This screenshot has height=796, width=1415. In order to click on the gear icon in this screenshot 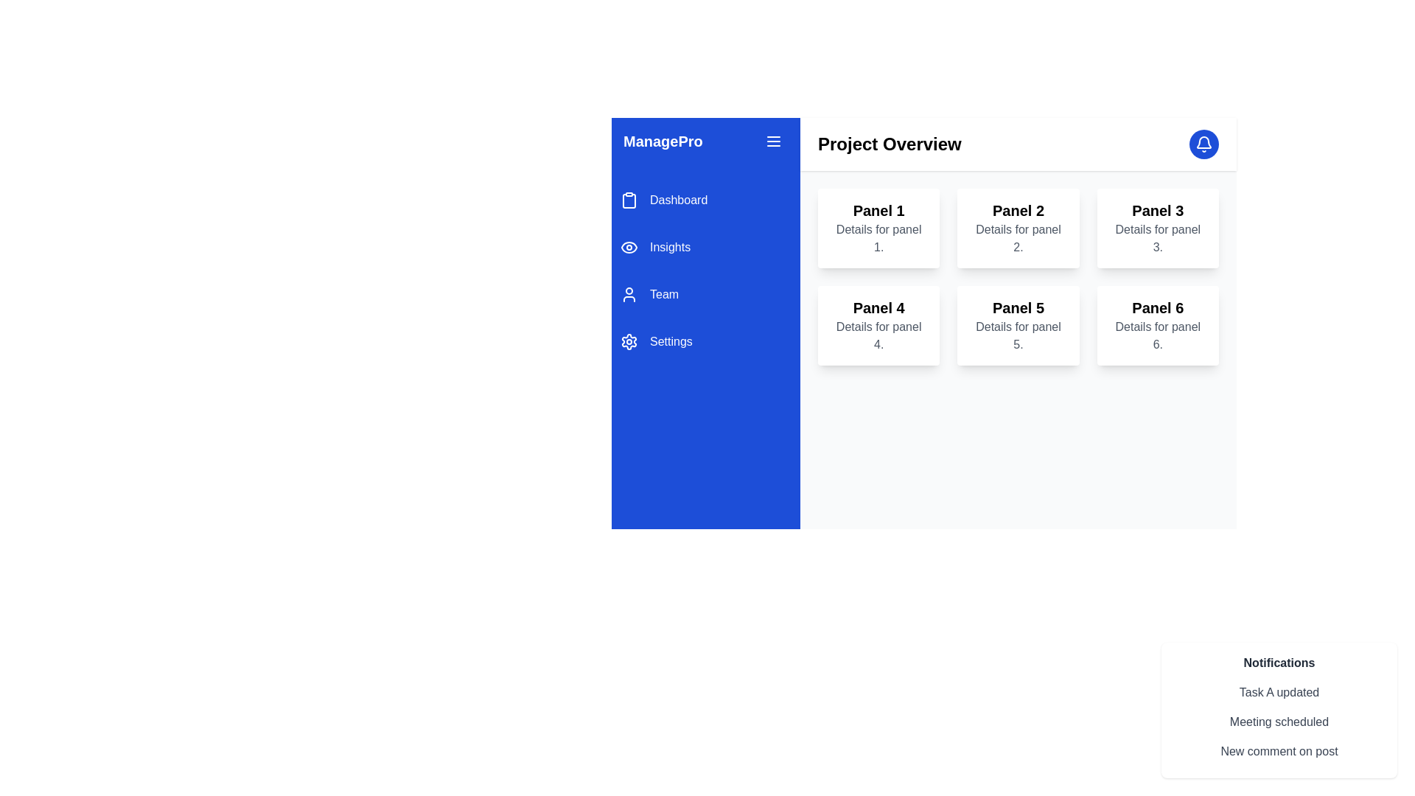, I will do `click(629, 341)`.